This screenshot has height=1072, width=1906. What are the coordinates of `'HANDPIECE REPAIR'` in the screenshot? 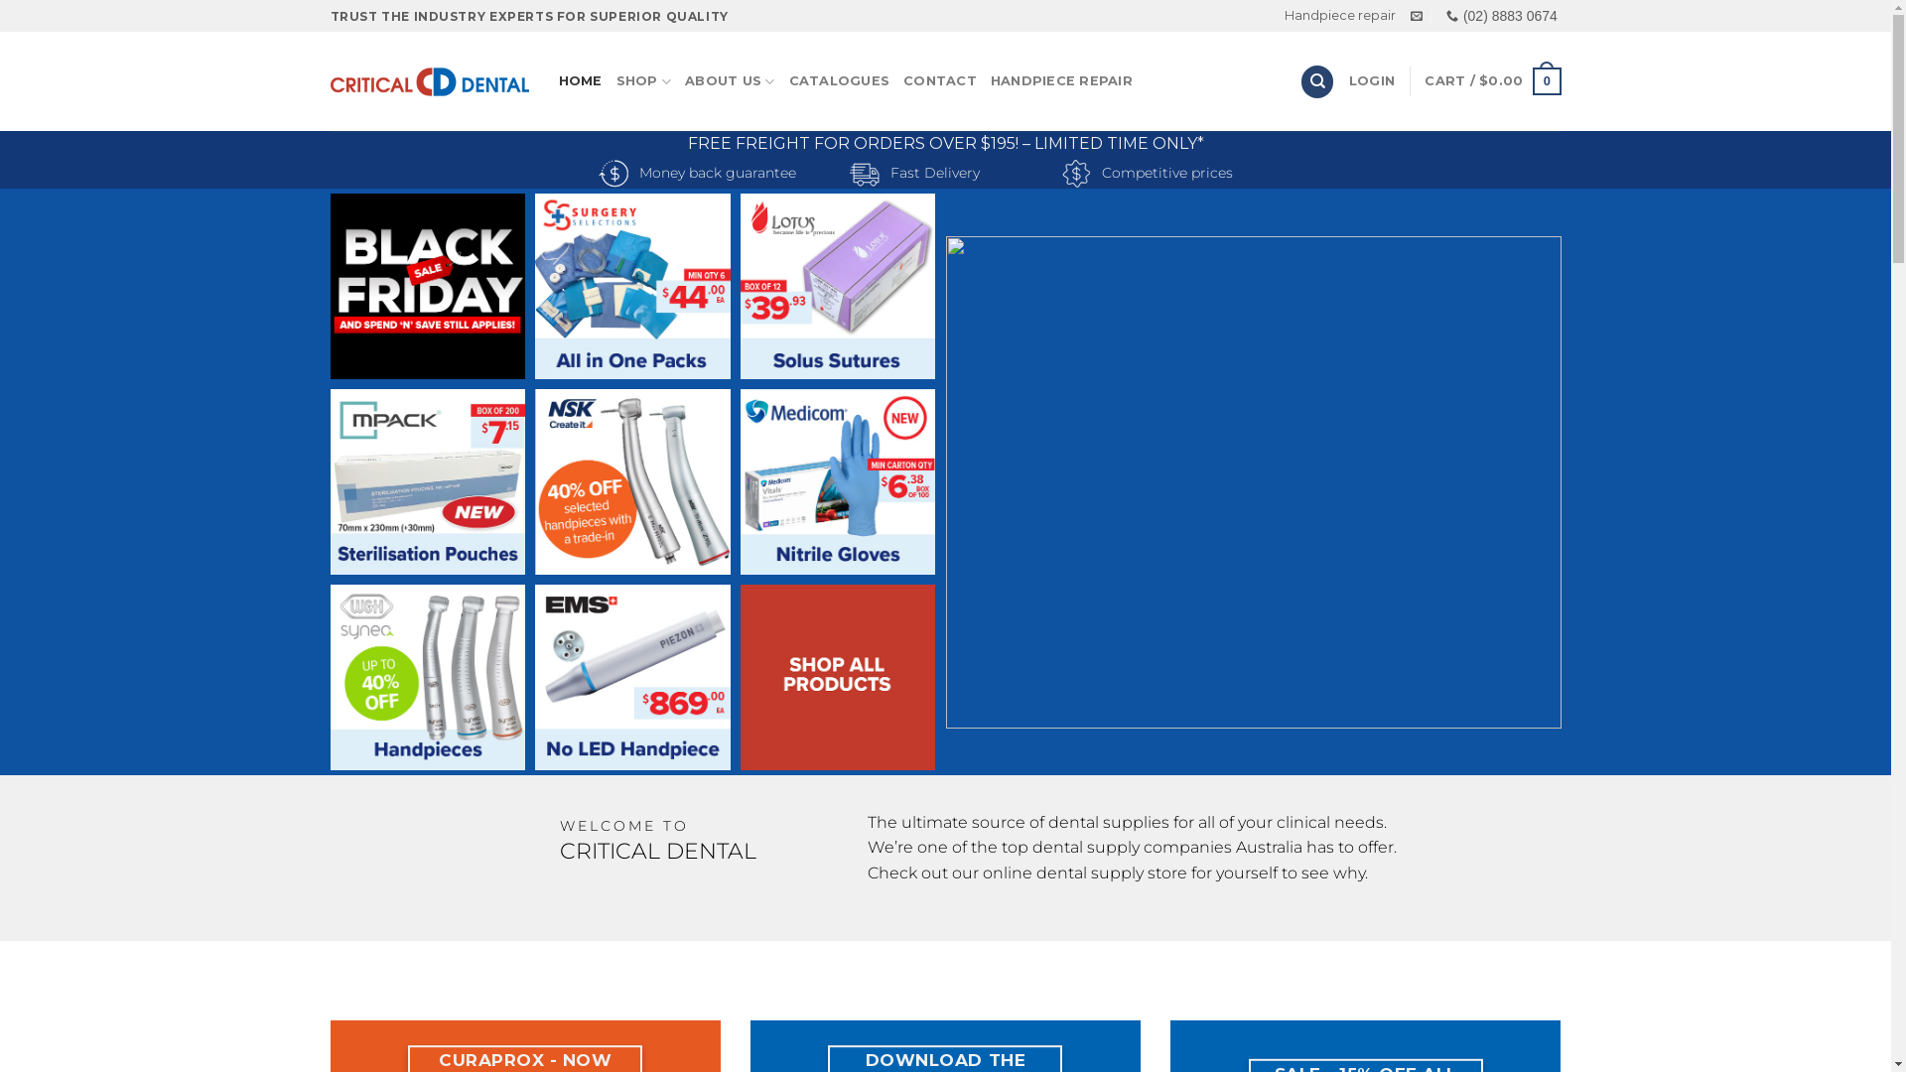 It's located at (991, 79).